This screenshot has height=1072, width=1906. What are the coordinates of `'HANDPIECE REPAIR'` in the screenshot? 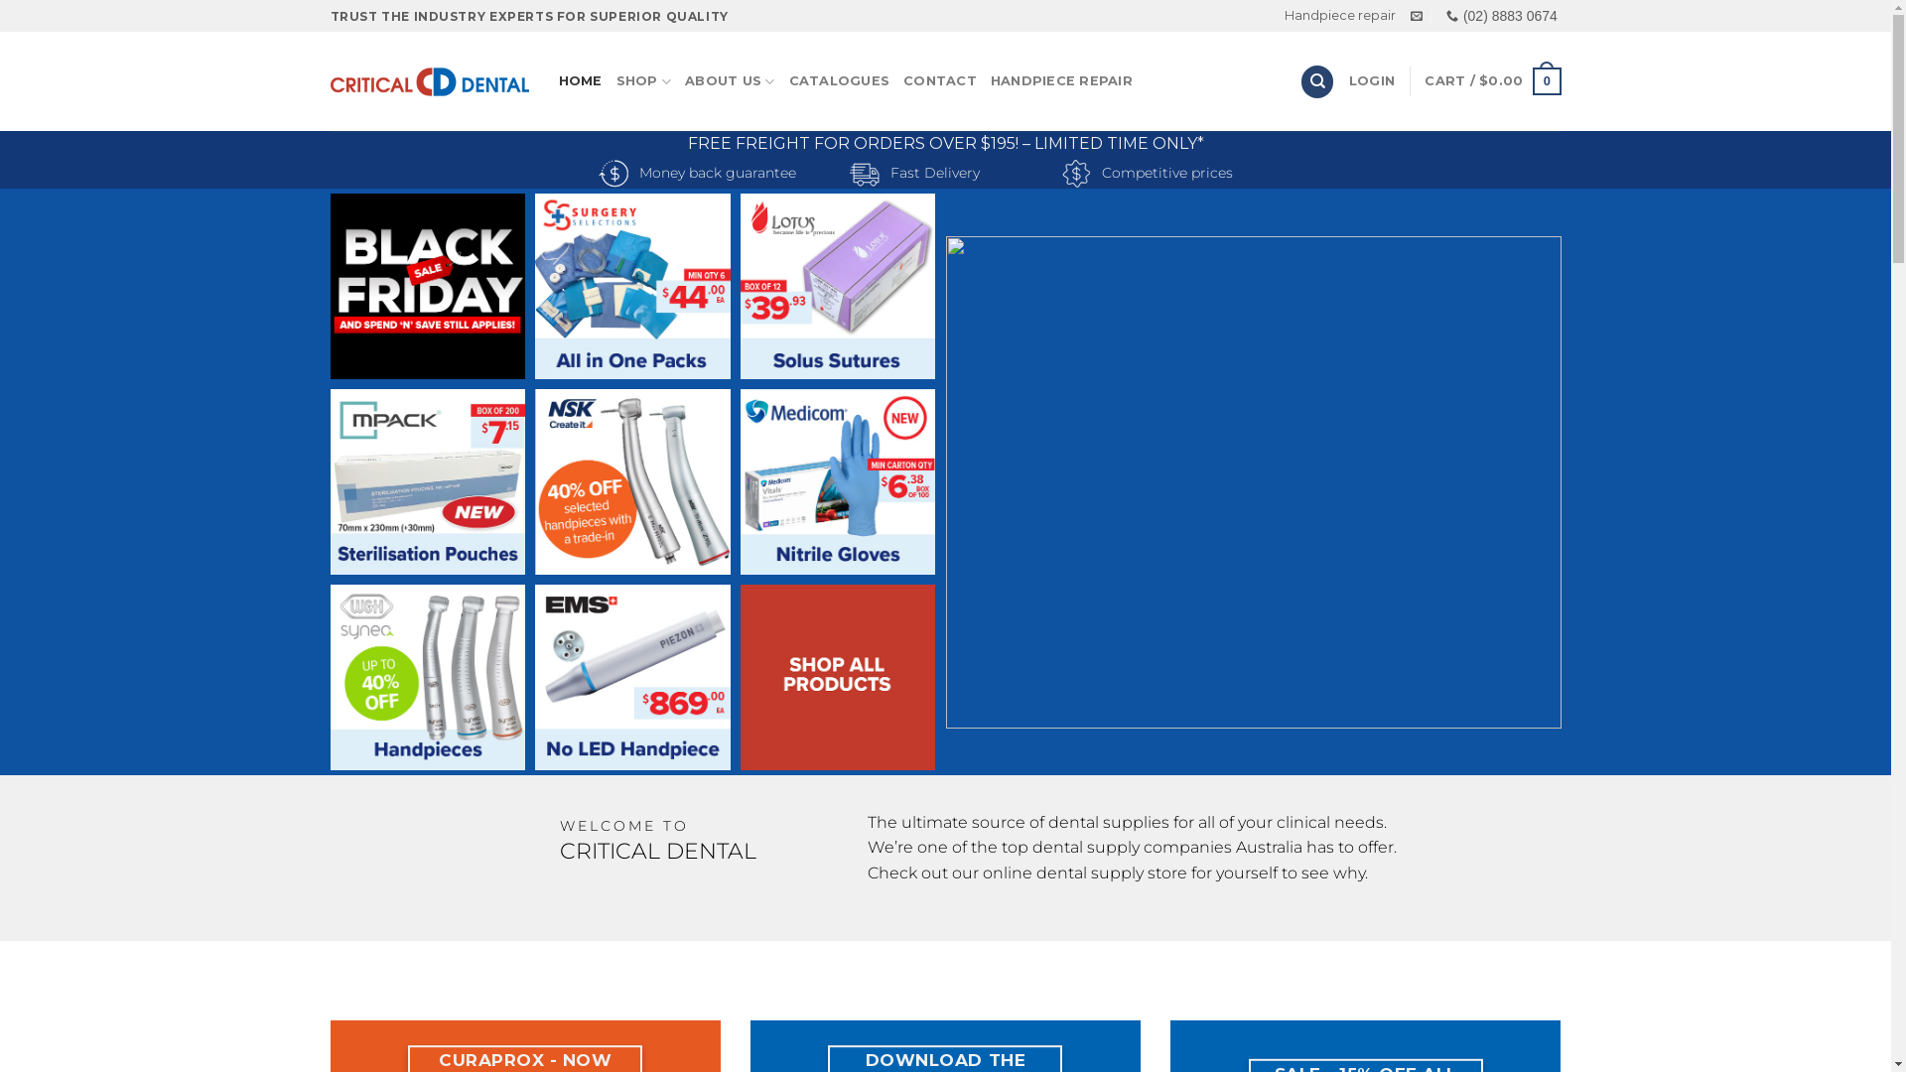 It's located at (991, 79).